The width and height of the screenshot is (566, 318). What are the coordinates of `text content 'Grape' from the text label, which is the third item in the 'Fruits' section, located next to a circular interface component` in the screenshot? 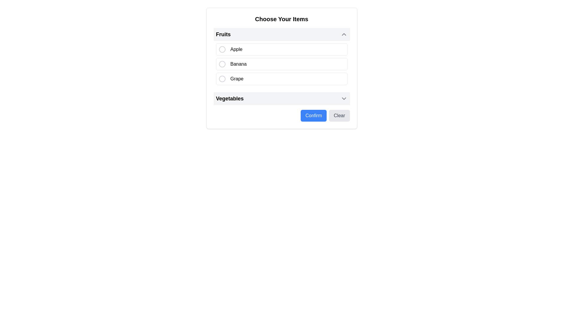 It's located at (237, 78).